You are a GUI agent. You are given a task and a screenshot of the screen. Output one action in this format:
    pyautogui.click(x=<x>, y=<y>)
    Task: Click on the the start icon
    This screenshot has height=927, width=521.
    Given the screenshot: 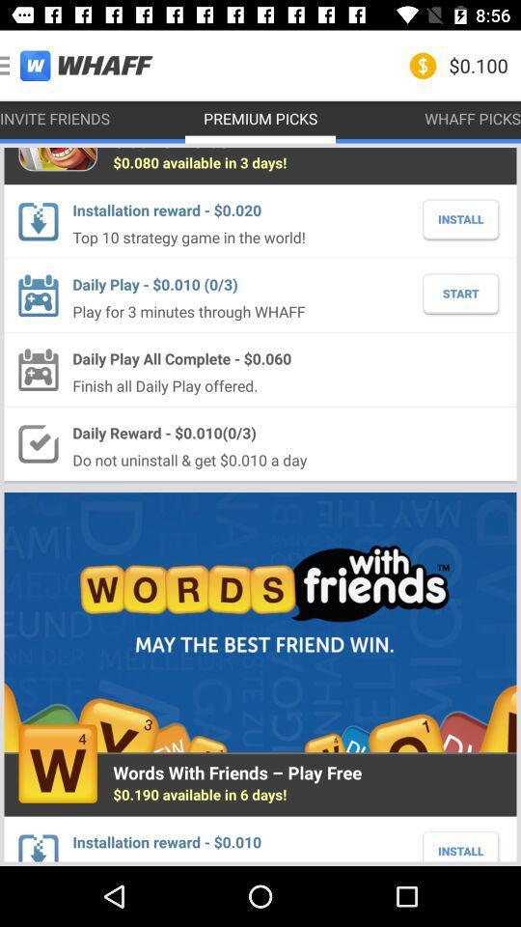 What is the action you would take?
    pyautogui.click(x=459, y=294)
    